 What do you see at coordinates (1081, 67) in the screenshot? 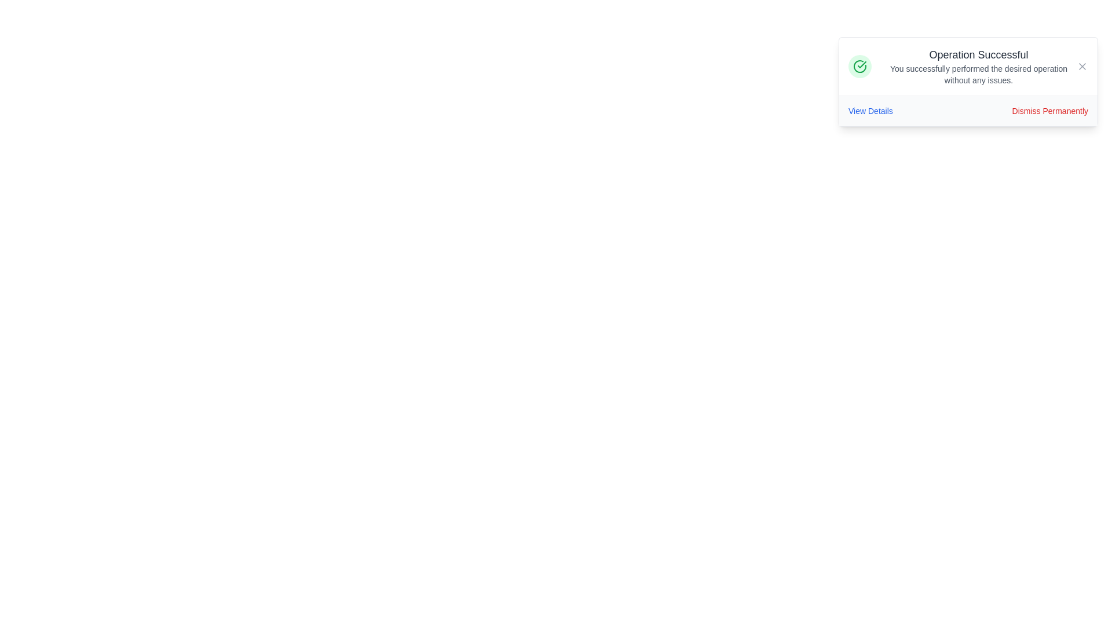
I see `the close icon located in the top-right corner of the notification panel` at bounding box center [1081, 67].